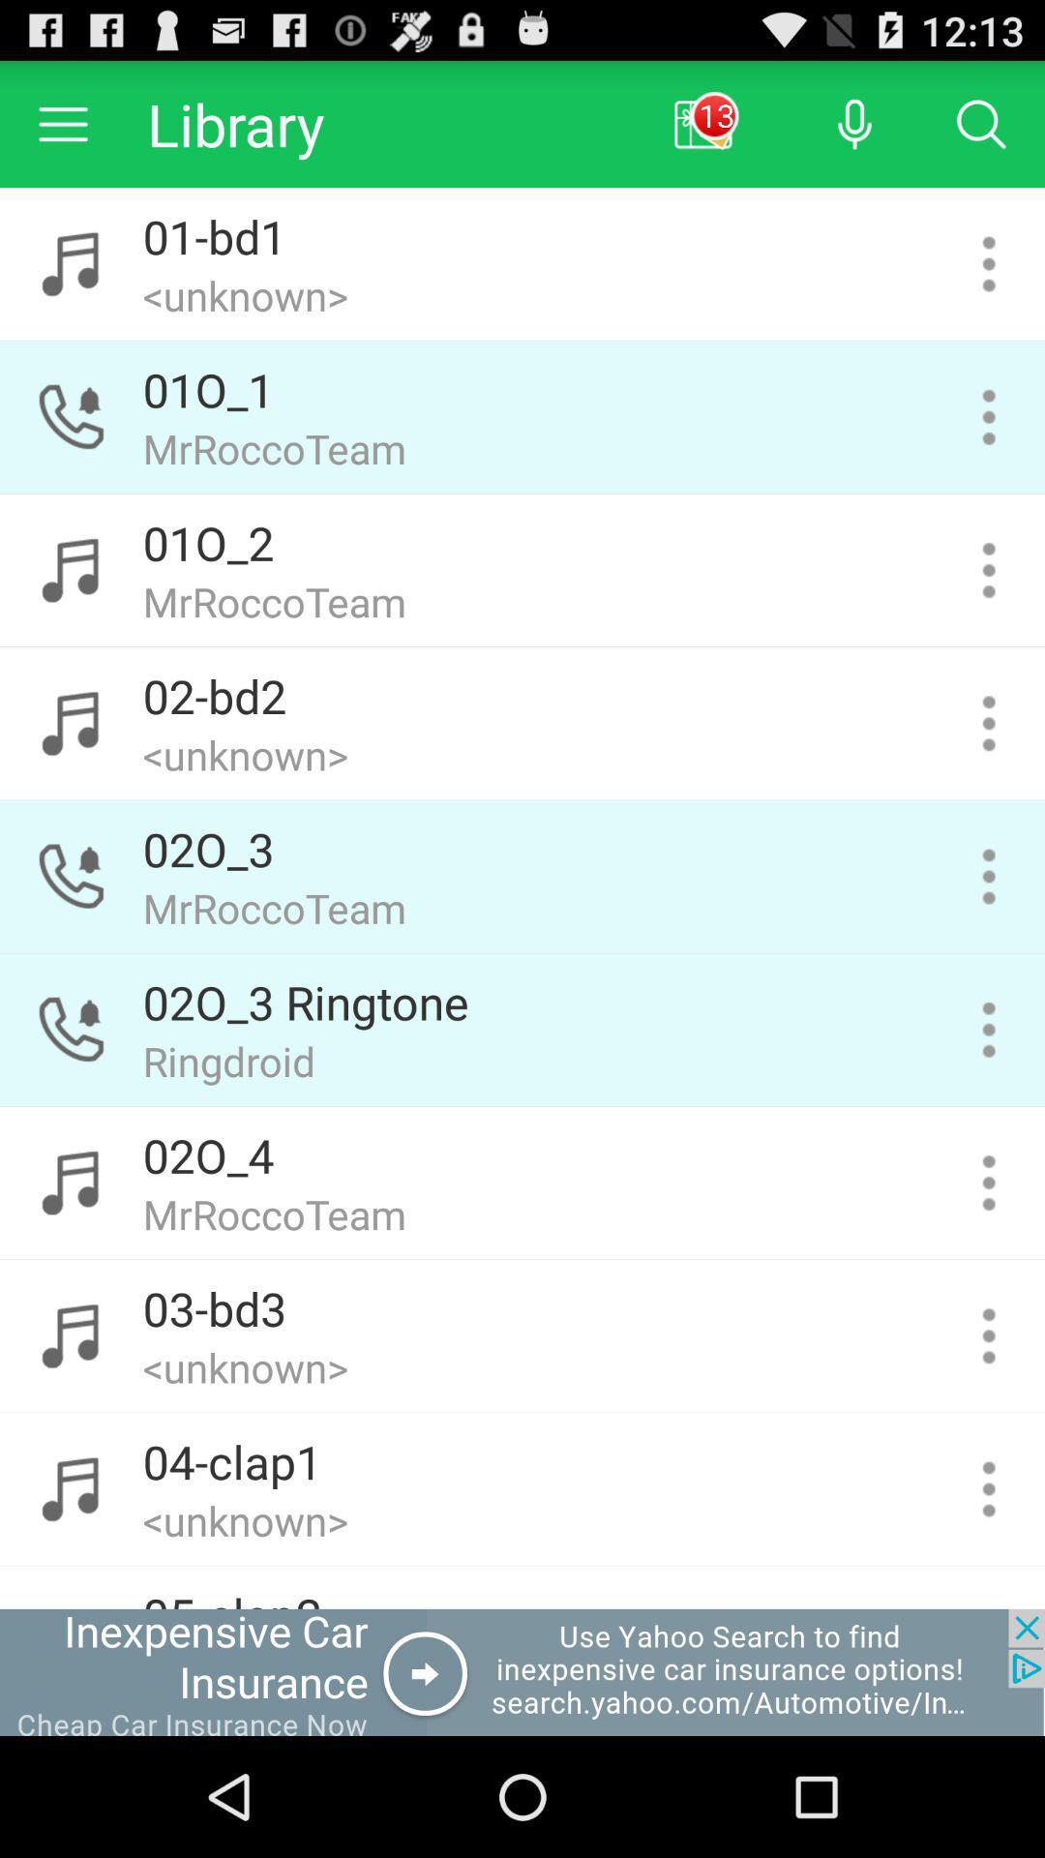 The width and height of the screenshot is (1045, 1858). I want to click on get more details, so click(989, 1029).